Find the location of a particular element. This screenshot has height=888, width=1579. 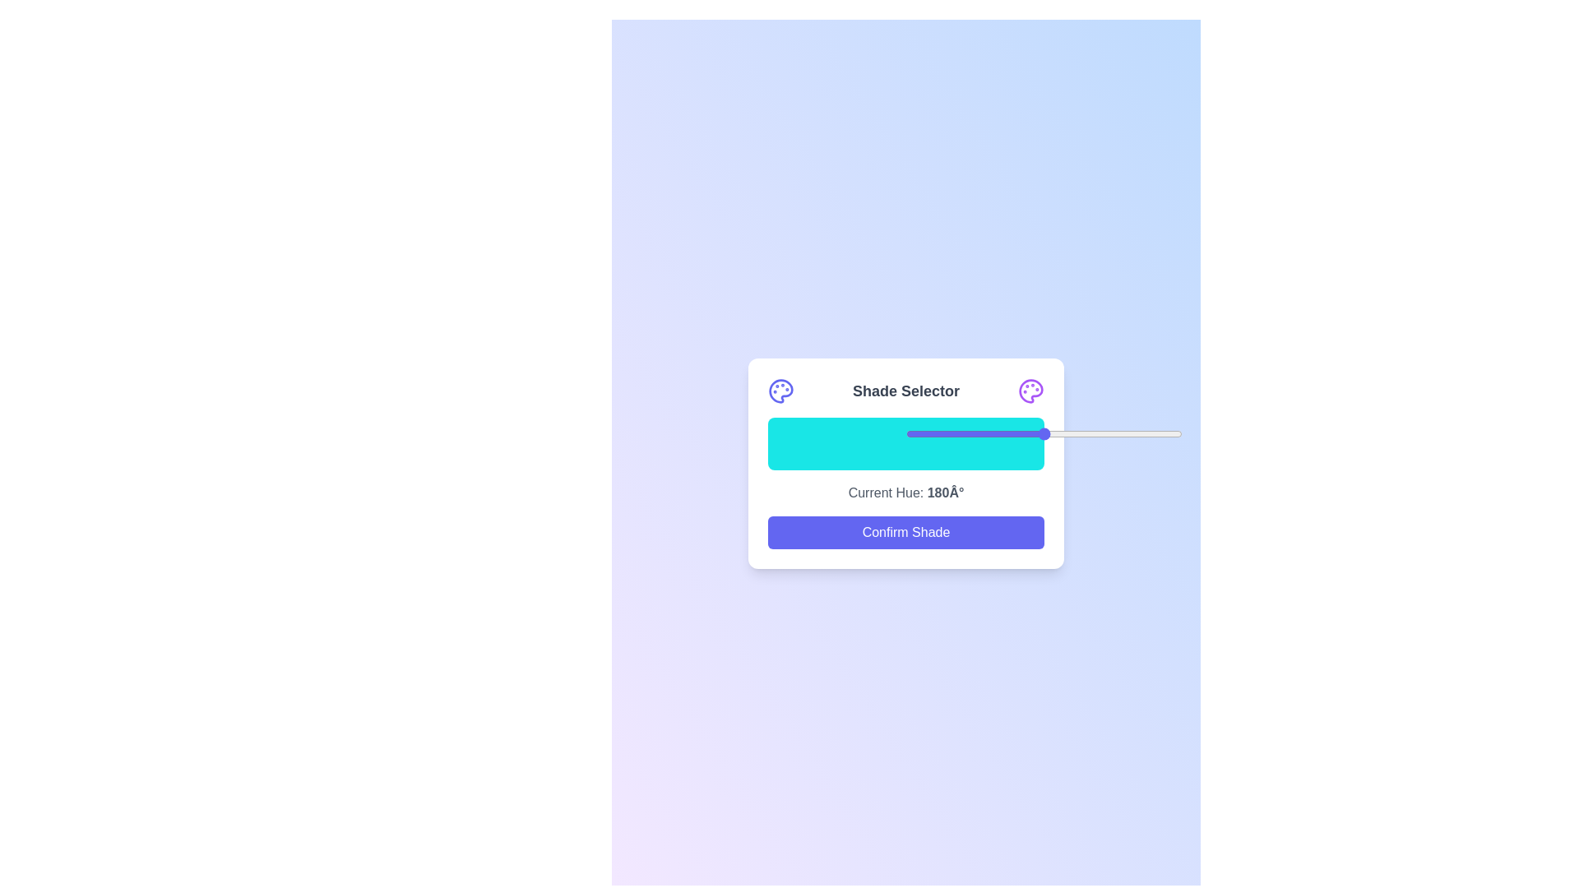

the shade slider to 99 to observe the corresponding color is located at coordinates (1040, 444).